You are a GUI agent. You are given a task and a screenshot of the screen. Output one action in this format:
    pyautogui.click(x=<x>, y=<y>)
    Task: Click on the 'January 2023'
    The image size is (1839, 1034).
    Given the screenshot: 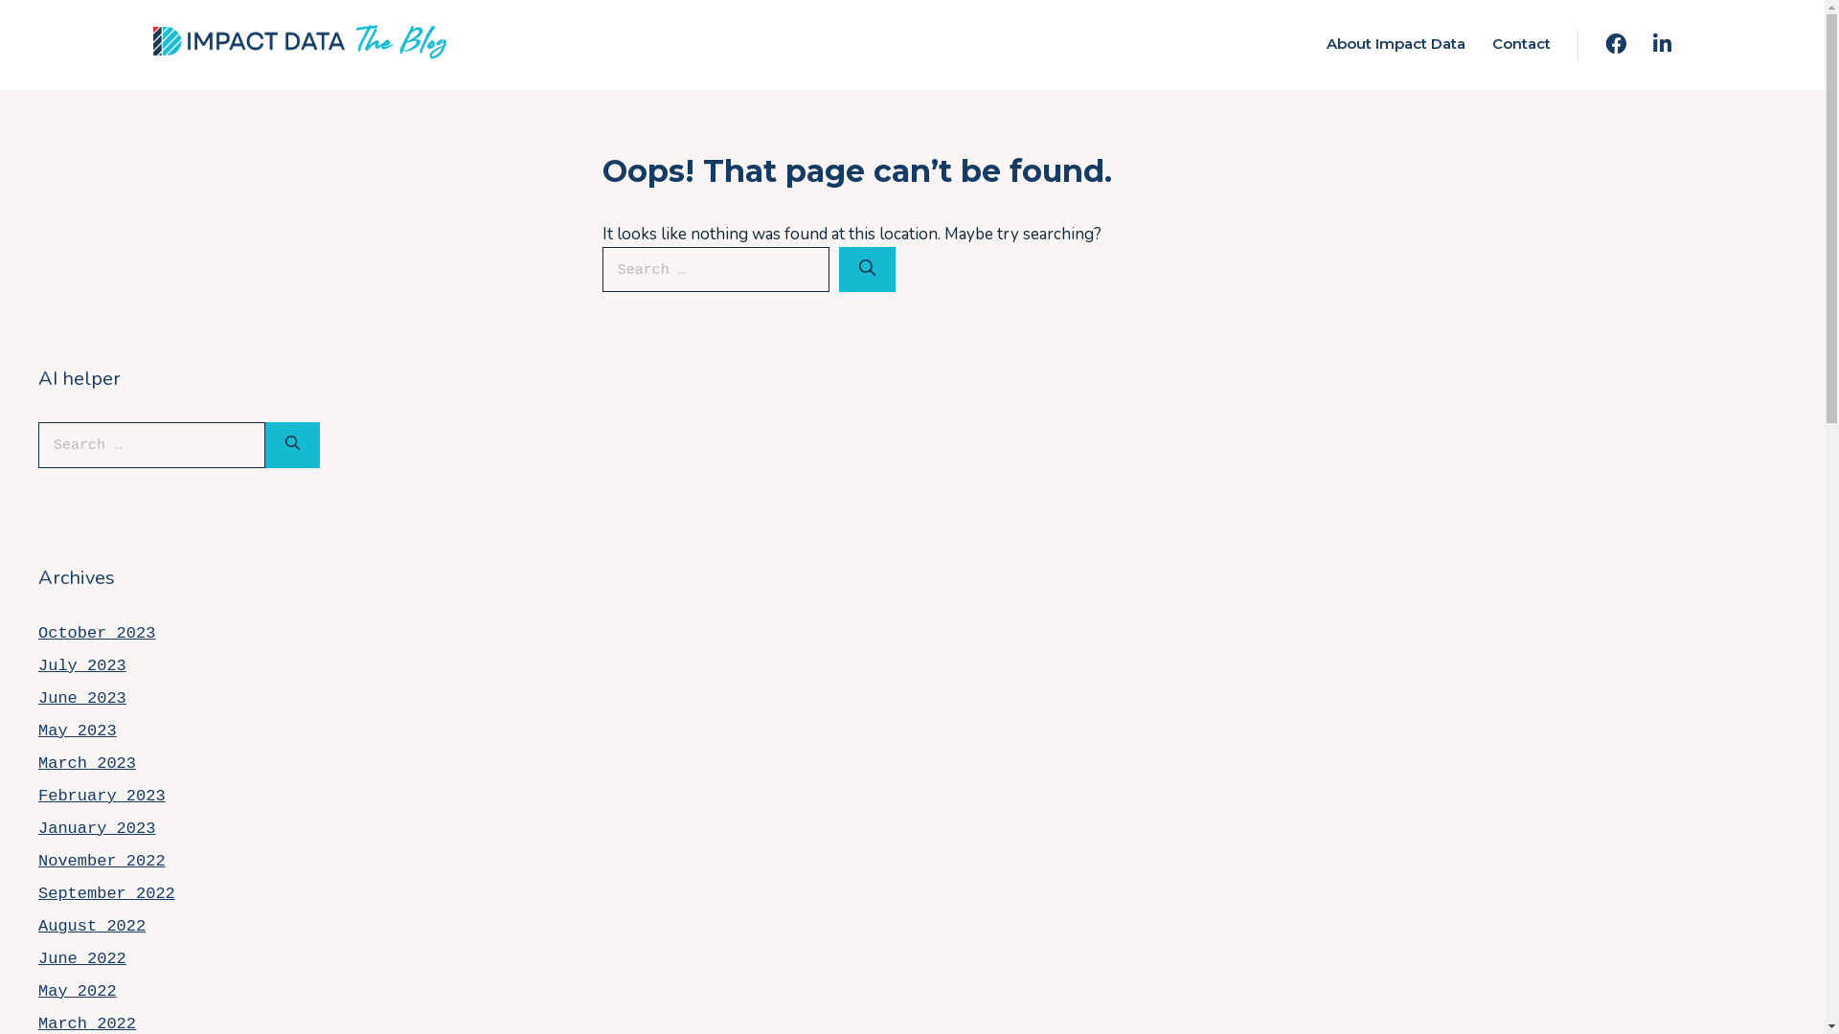 What is the action you would take?
    pyautogui.click(x=95, y=827)
    